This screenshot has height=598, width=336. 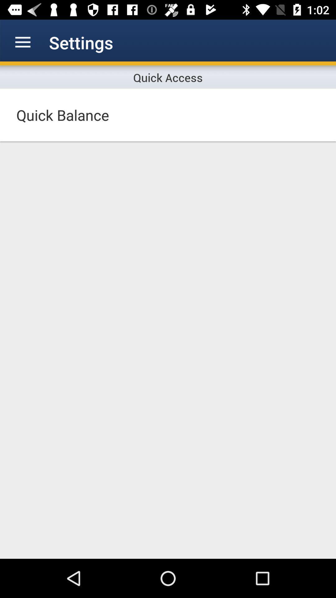 I want to click on item next to settings icon, so click(x=22, y=42).